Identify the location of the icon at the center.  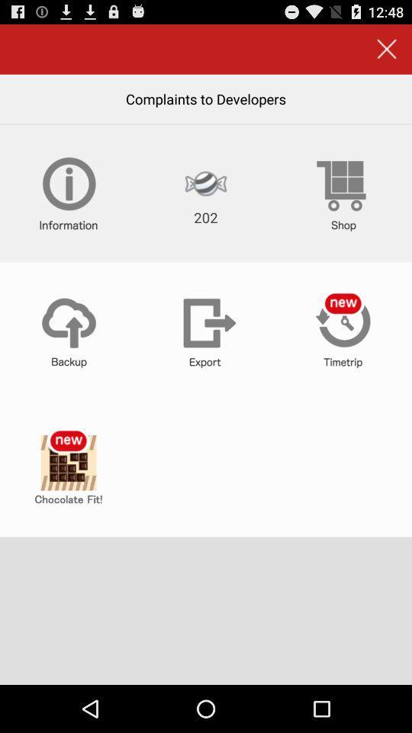
(206, 331).